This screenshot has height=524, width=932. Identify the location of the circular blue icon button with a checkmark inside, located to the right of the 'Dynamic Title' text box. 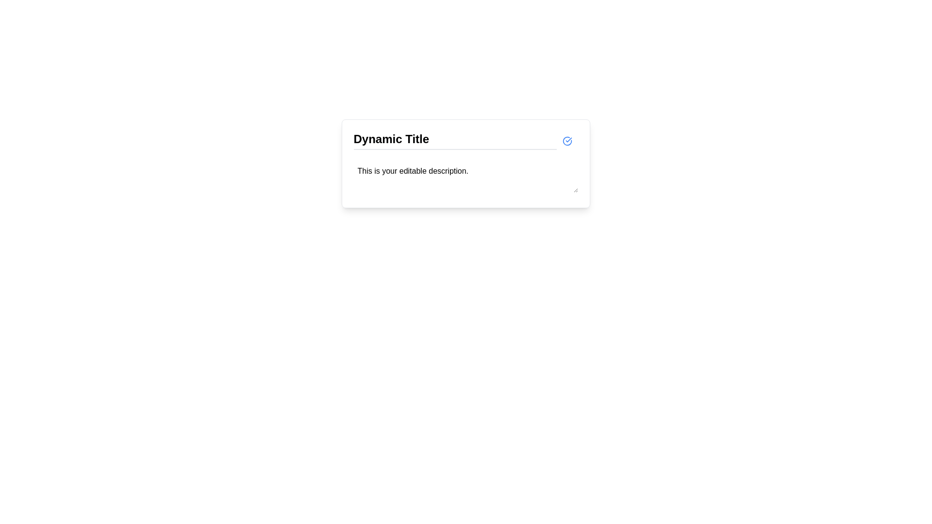
(567, 140).